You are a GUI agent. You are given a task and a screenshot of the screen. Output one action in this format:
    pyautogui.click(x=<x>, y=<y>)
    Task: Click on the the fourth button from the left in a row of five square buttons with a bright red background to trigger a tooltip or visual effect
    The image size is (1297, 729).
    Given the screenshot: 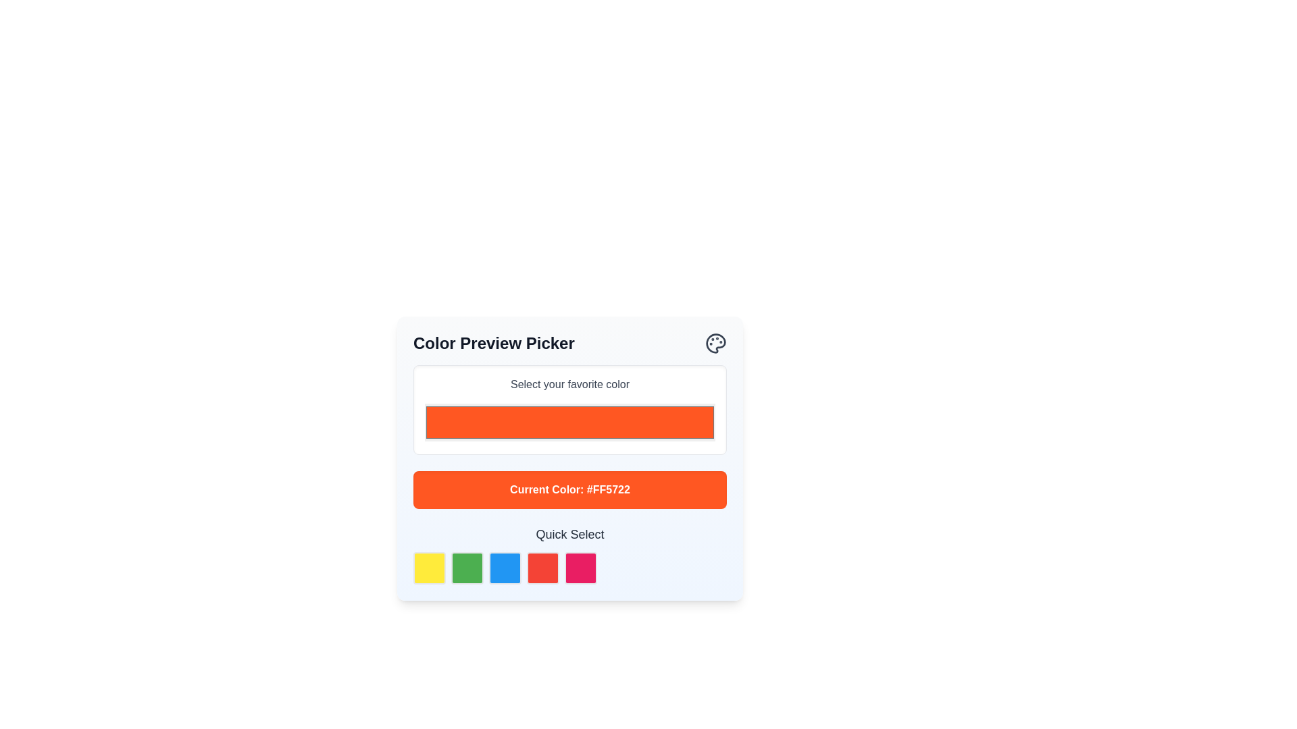 What is the action you would take?
    pyautogui.click(x=543, y=568)
    